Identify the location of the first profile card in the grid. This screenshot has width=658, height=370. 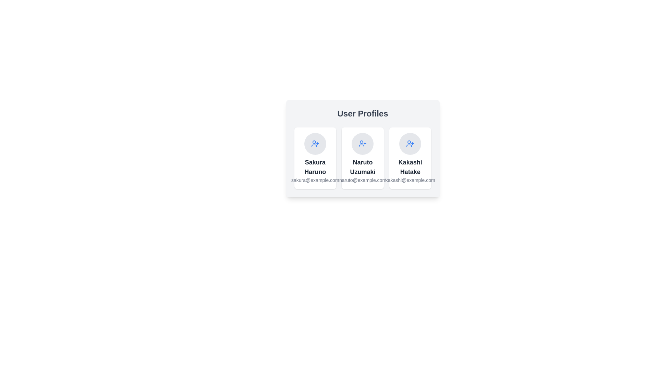
(315, 158).